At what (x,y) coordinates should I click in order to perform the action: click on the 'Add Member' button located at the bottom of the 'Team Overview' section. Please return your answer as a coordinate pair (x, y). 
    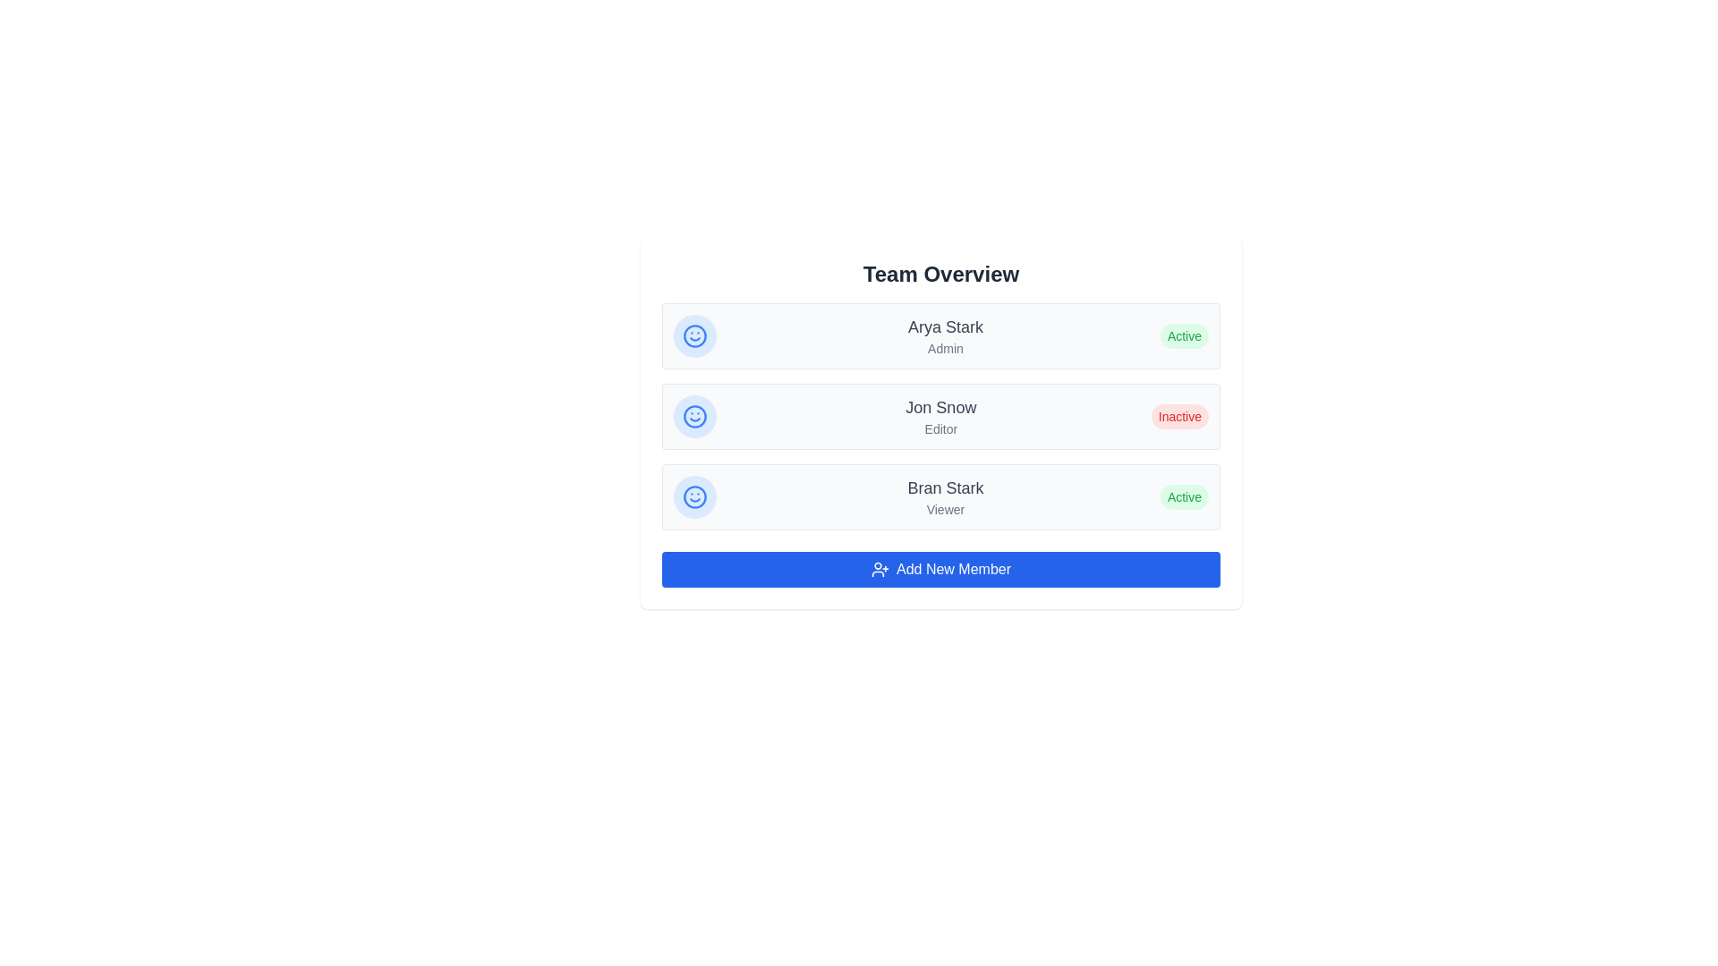
    Looking at the image, I should click on (940, 569).